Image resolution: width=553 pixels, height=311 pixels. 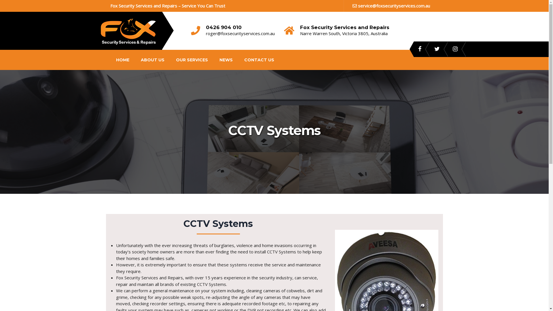 I want to click on 'OUR SERVICES', so click(x=192, y=59).